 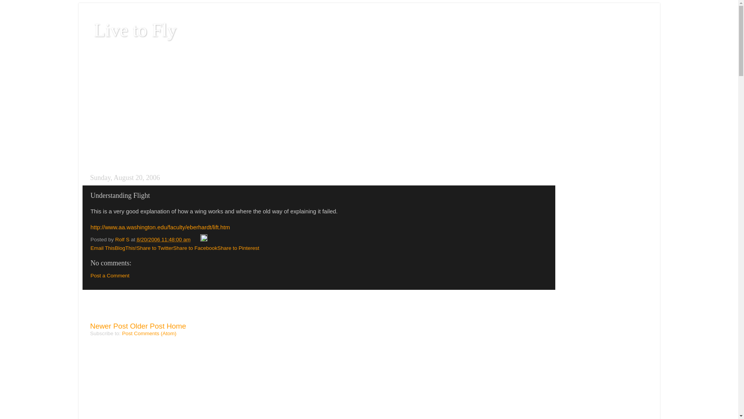 I want to click on 'Home', so click(x=176, y=326).